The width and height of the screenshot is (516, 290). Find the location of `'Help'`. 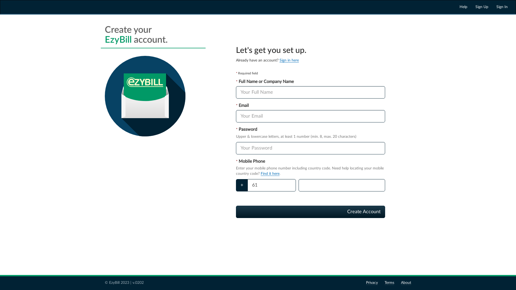

'Help' is located at coordinates (463, 7).